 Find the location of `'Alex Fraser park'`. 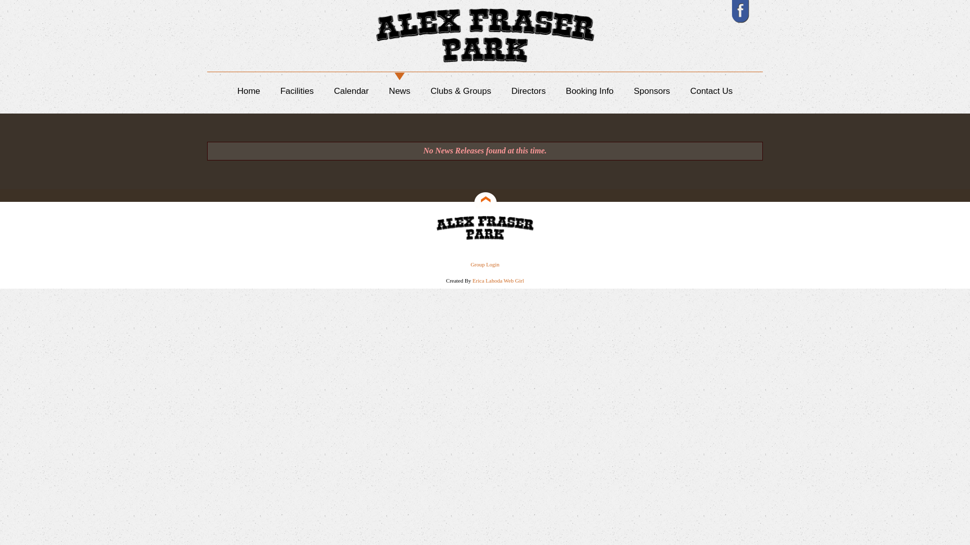

'Alex Fraser park' is located at coordinates (434, 228).